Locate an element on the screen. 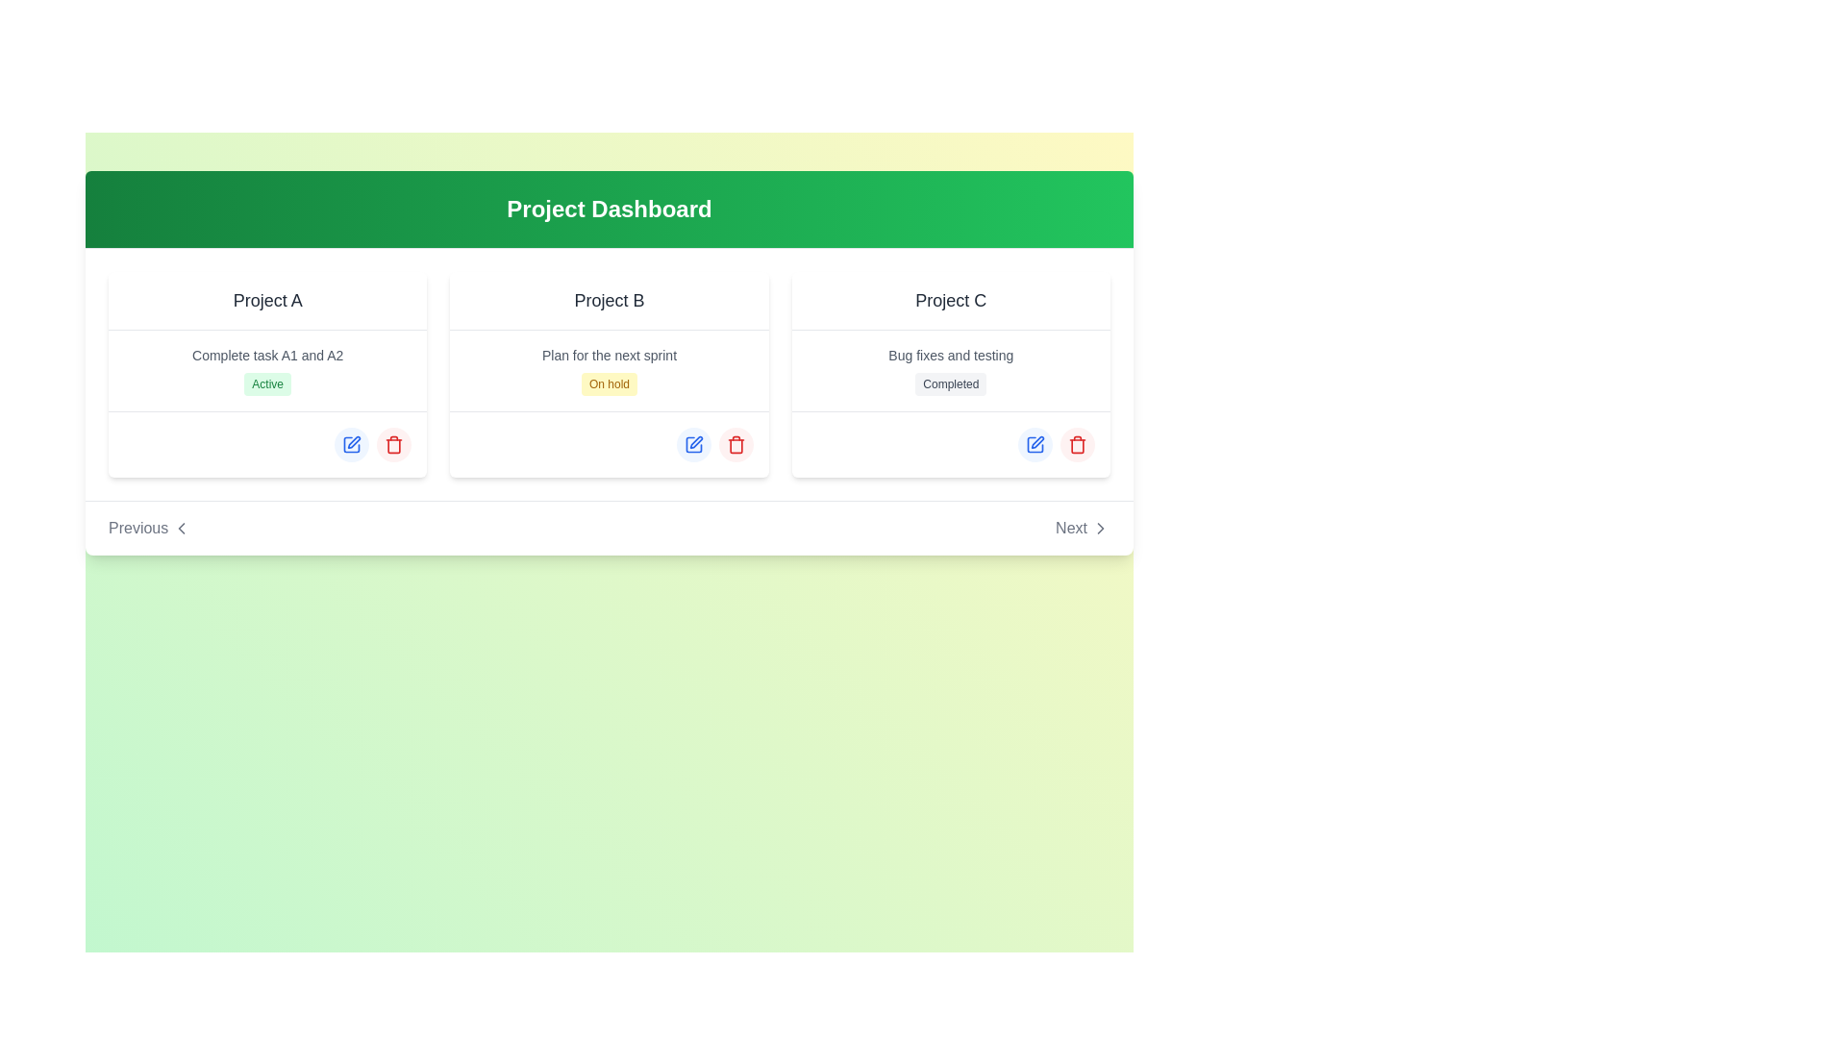 The image size is (1846, 1038). the edit button located in the bottom-right corner of the Project A card is located at coordinates (352, 444).